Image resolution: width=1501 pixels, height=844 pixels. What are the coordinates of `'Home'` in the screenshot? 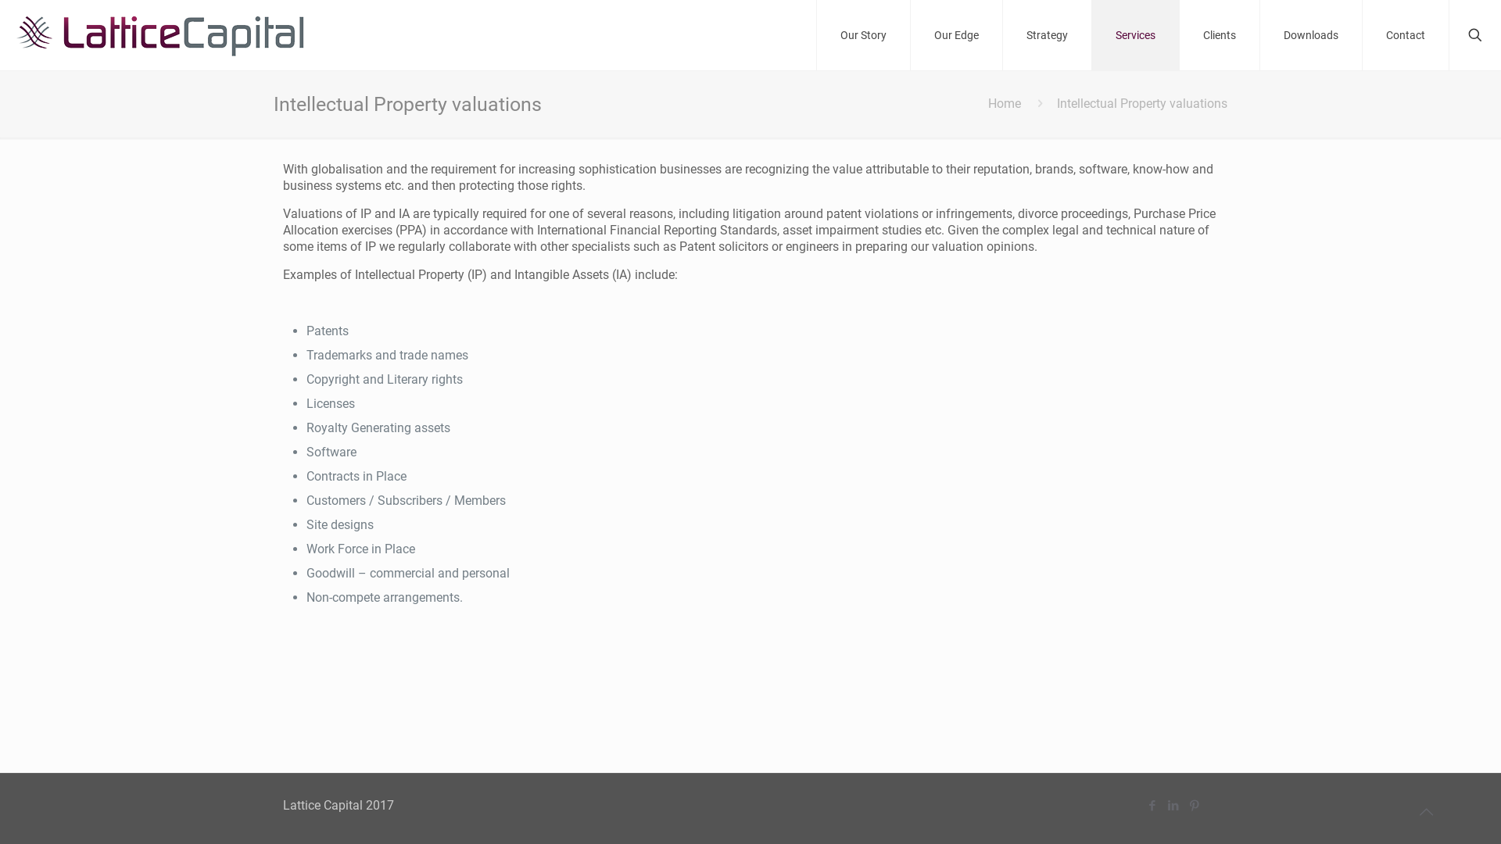 It's located at (1005, 103).